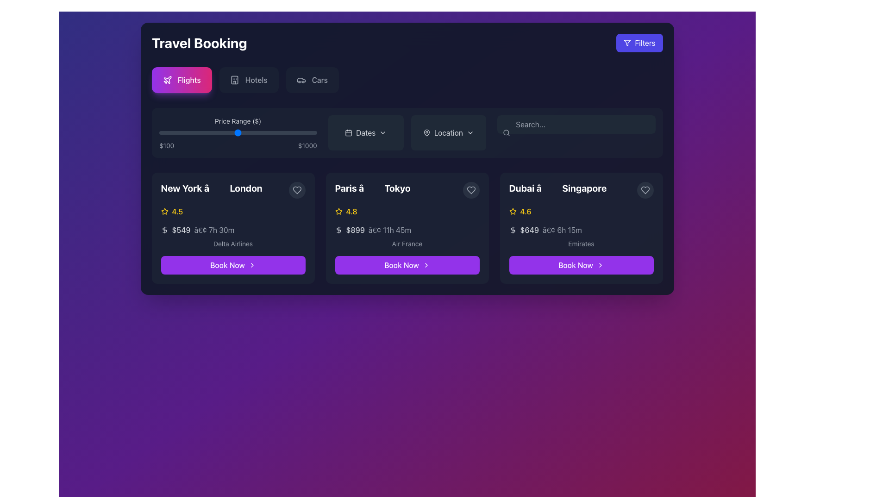  I want to click on the heart-shaped icon in the 'Paris to Tokyo' card to favorite it, so click(471, 190).